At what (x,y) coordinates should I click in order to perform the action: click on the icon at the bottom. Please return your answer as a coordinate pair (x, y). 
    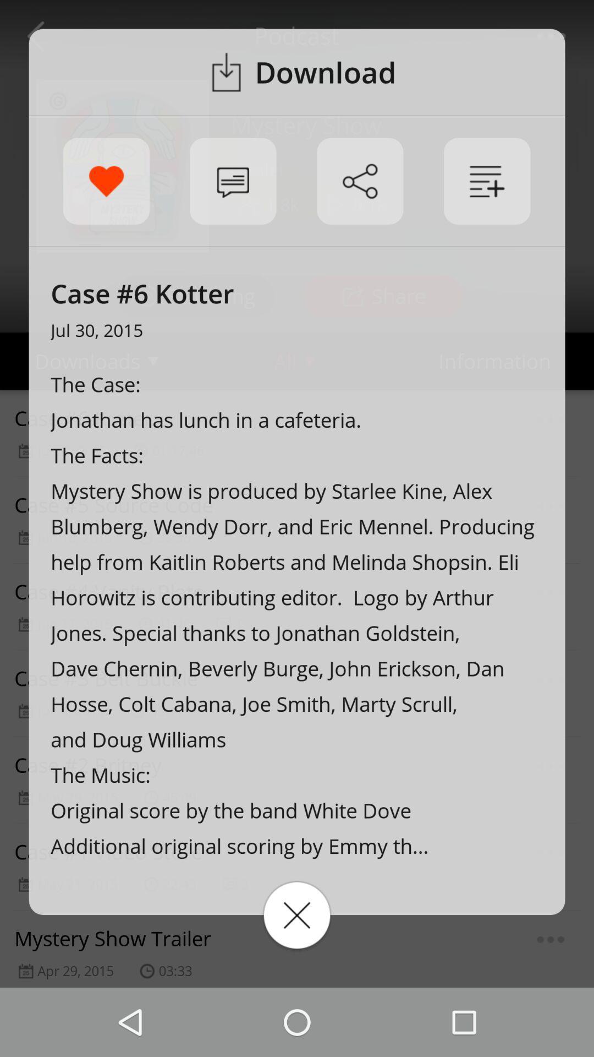
    Looking at the image, I should click on (297, 915).